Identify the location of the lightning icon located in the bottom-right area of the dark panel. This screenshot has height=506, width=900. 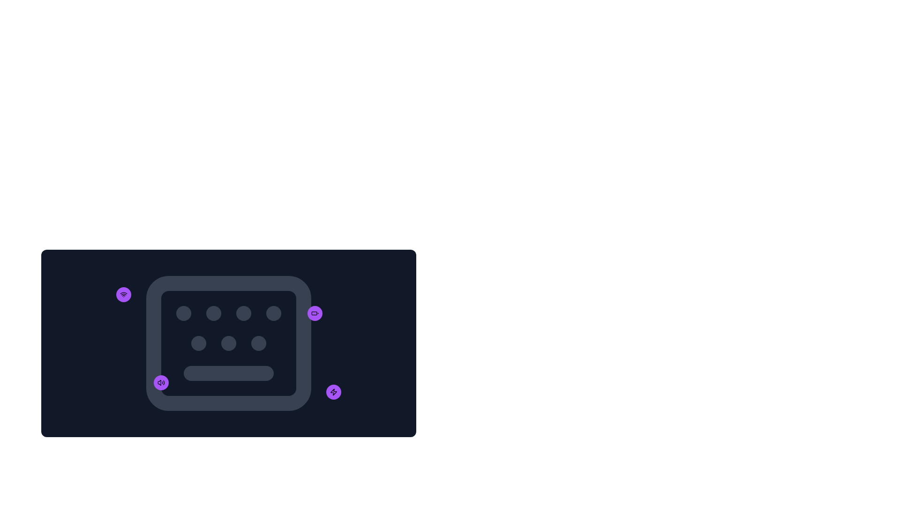
(333, 392).